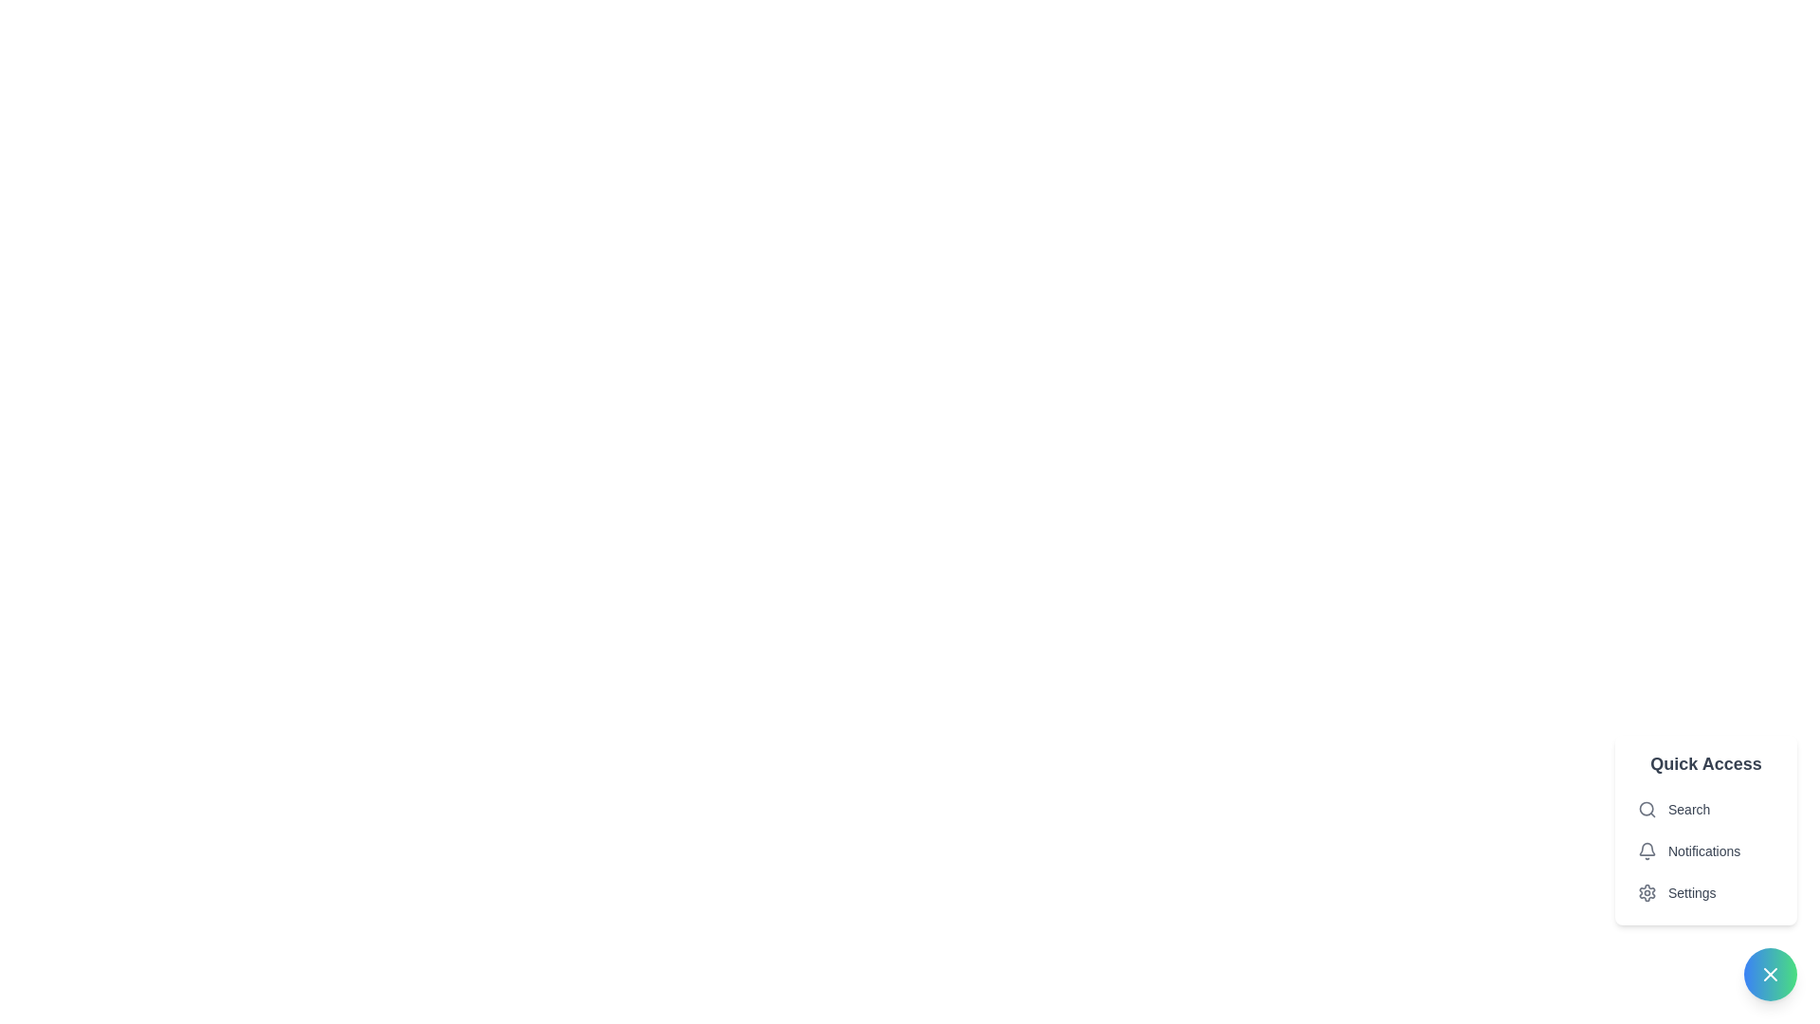 The width and height of the screenshot is (1820, 1024). Describe the element at coordinates (1706, 809) in the screenshot. I see `the 'Search' button under the 'Quick Access' header` at that location.